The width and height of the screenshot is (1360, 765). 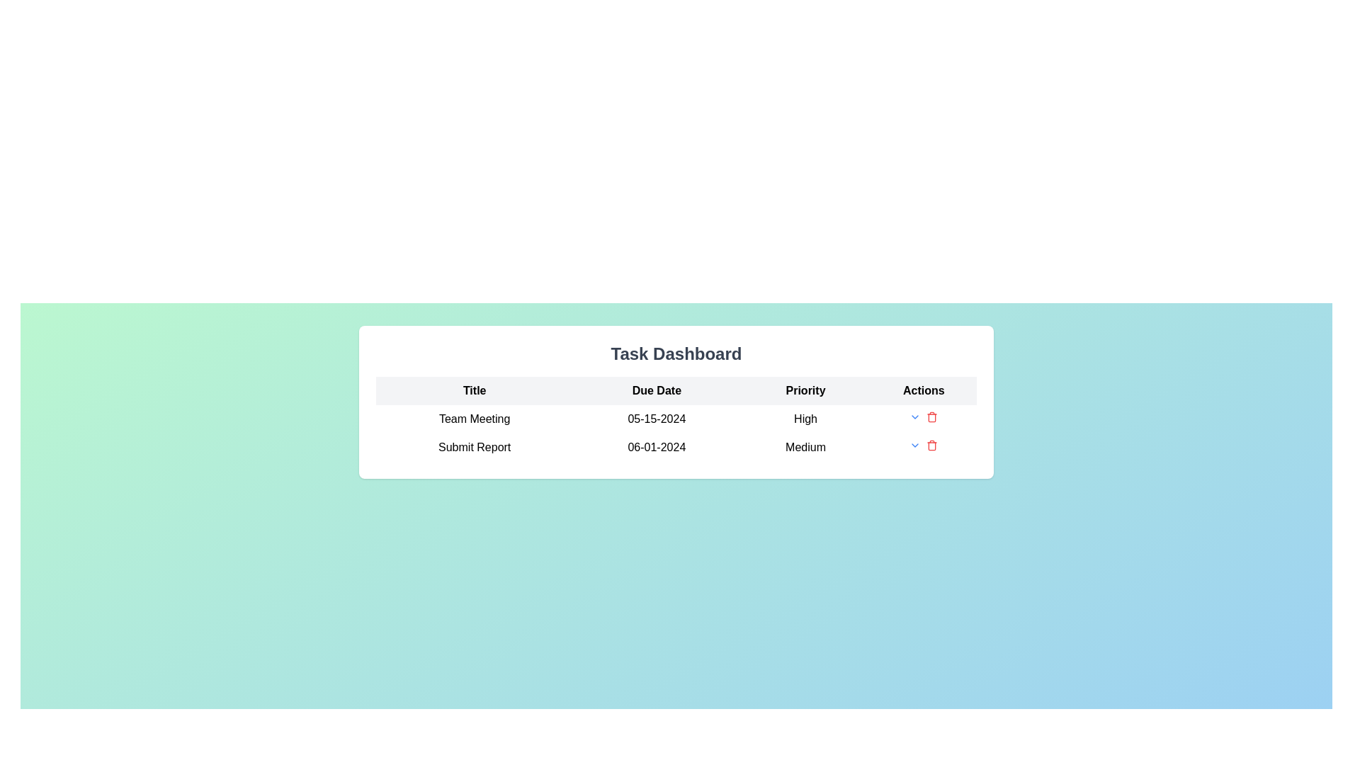 I want to click on the 'Due Date' text label element, which is the second column header in the table, located between 'Title' and 'Priority', so click(x=656, y=390).